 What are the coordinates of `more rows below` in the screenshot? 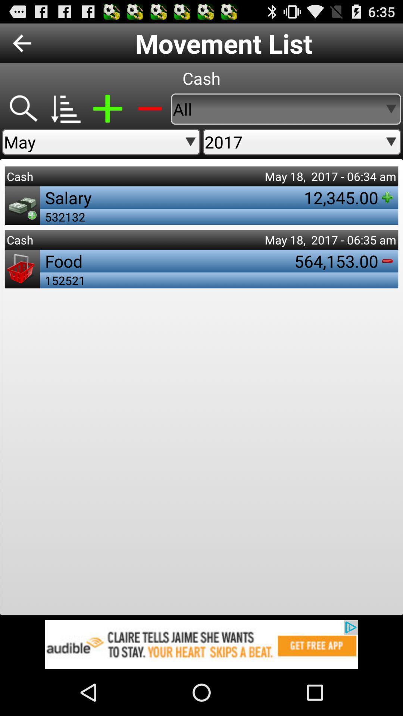 It's located at (65, 109).